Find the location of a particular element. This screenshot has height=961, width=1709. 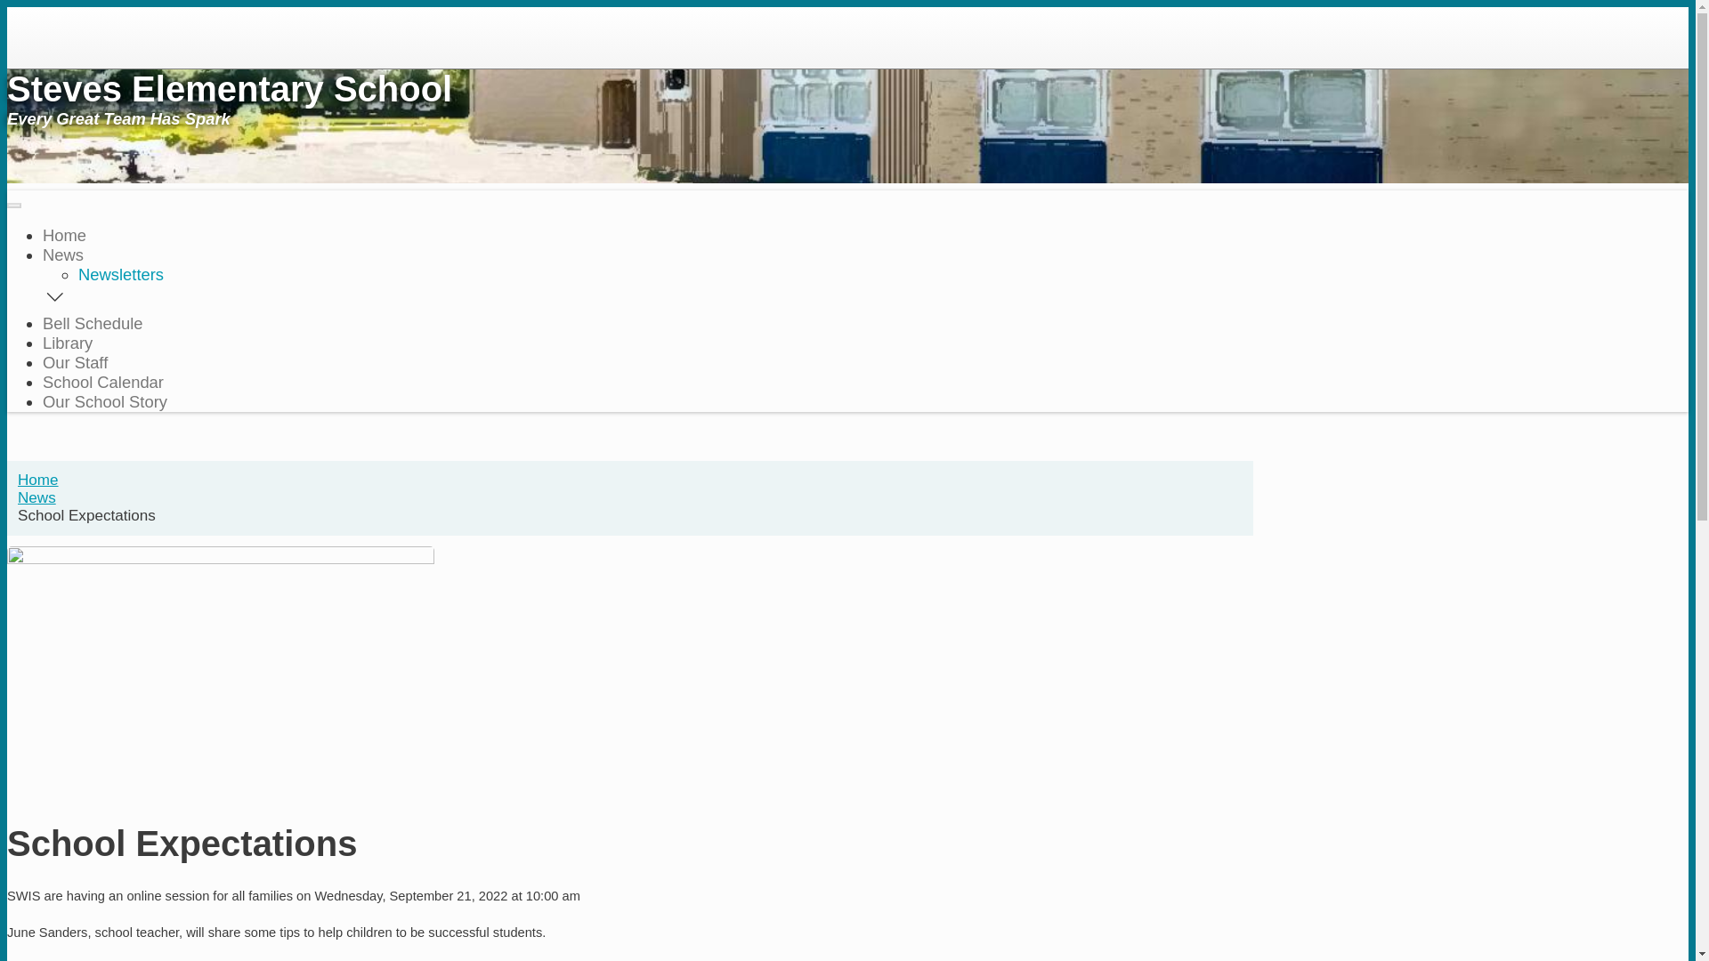

'Library' is located at coordinates (68, 343).